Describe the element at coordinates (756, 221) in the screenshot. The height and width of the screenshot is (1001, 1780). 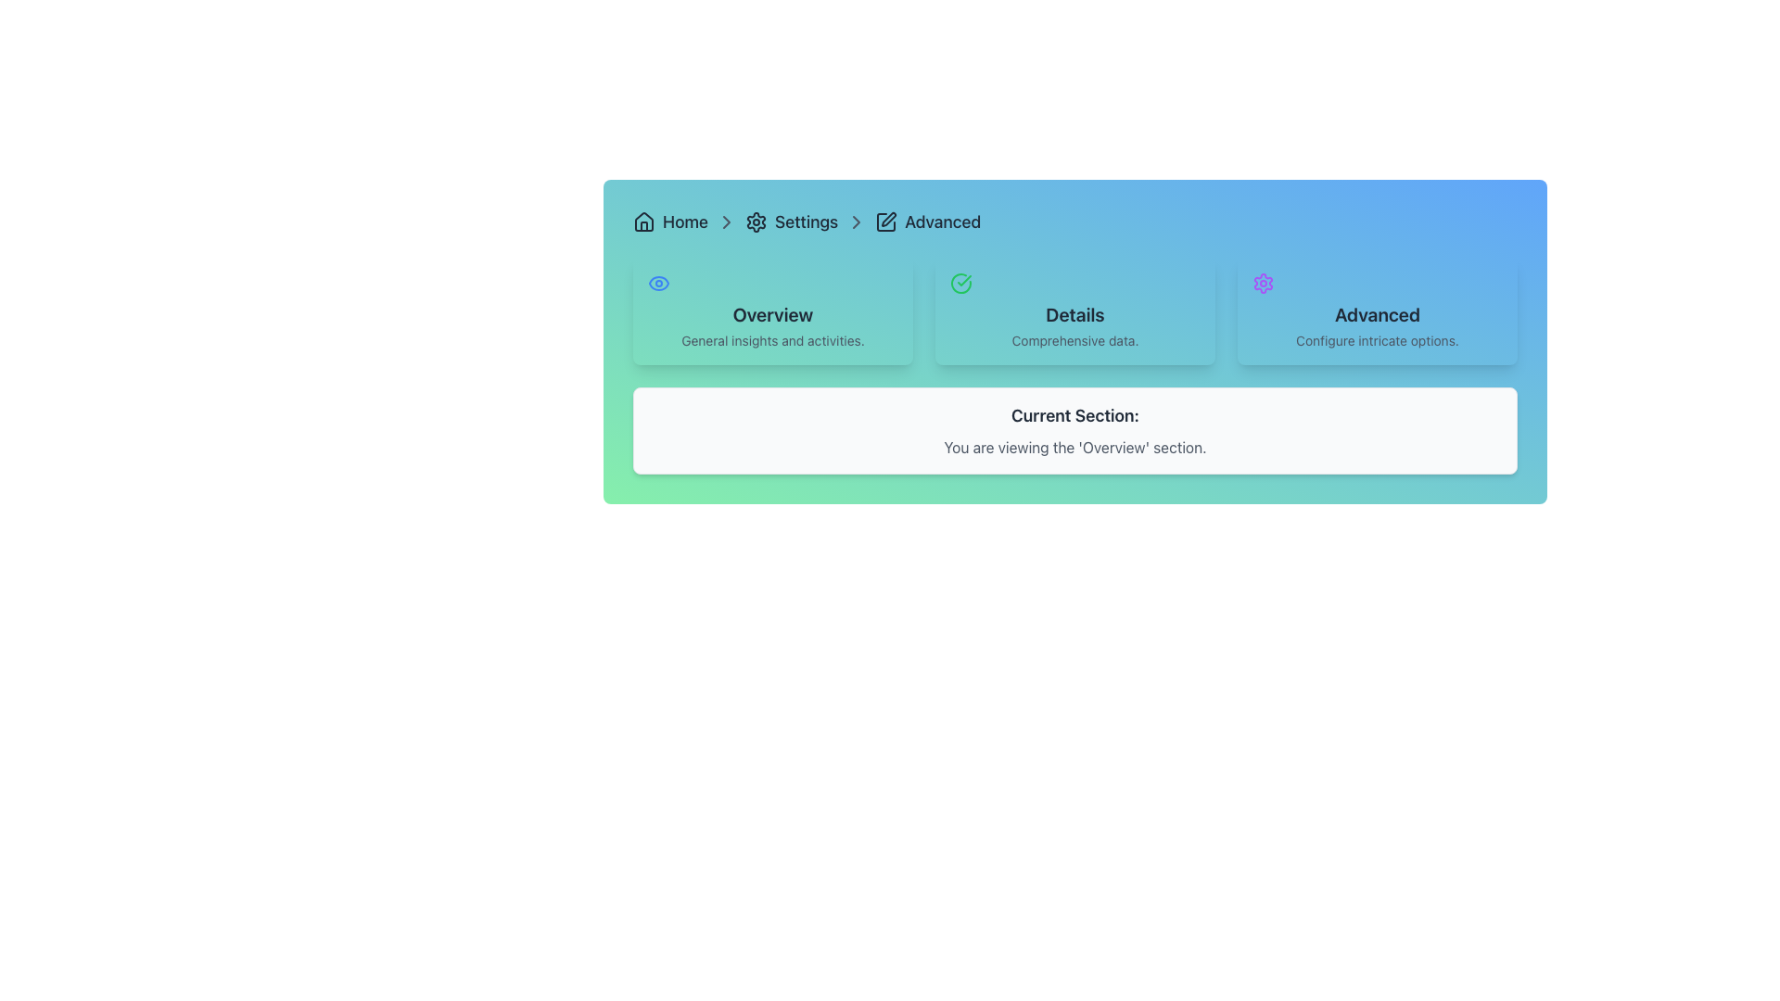
I see `the gear-like icon representing 'Settings' located in the top navigation bar, between the 'Home' and 'Advanced' breadcrumb links` at that location.